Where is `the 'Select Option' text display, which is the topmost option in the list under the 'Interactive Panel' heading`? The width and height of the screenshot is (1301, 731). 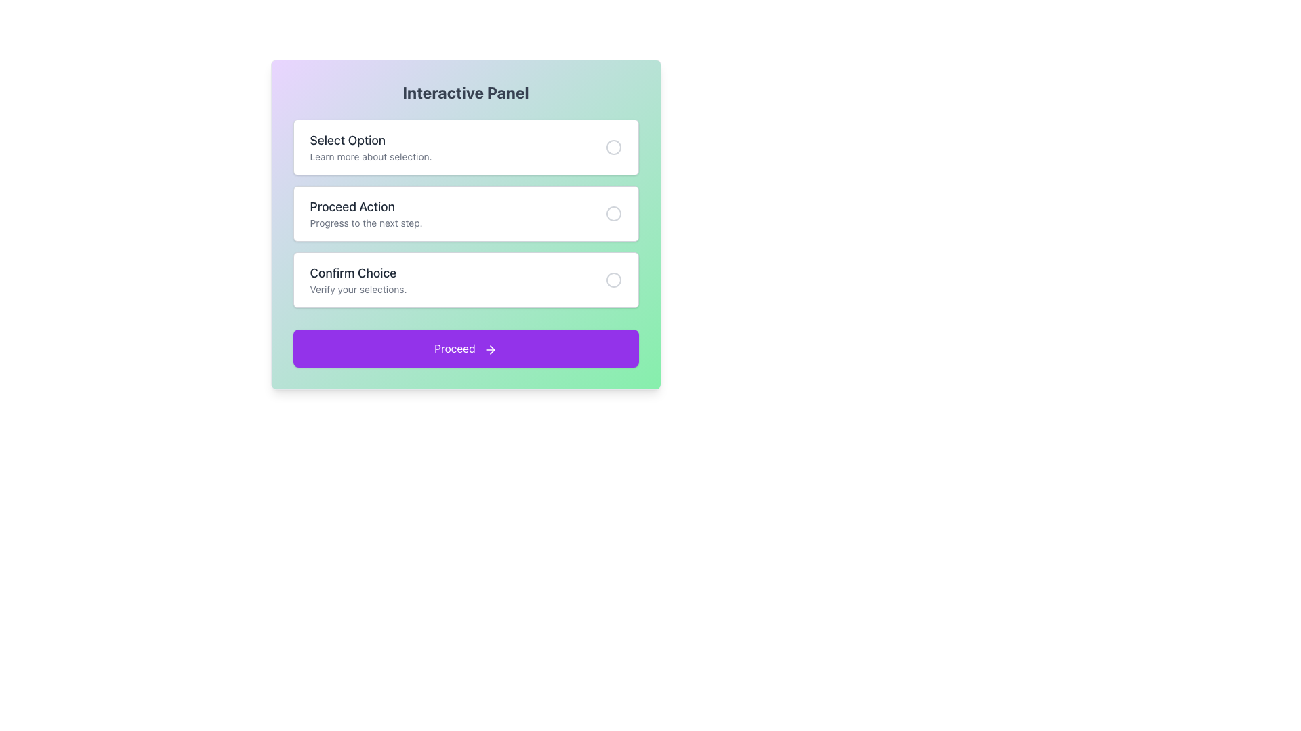
the 'Select Option' text display, which is the topmost option in the list under the 'Interactive Panel' heading is located at coordinates (371, 148).